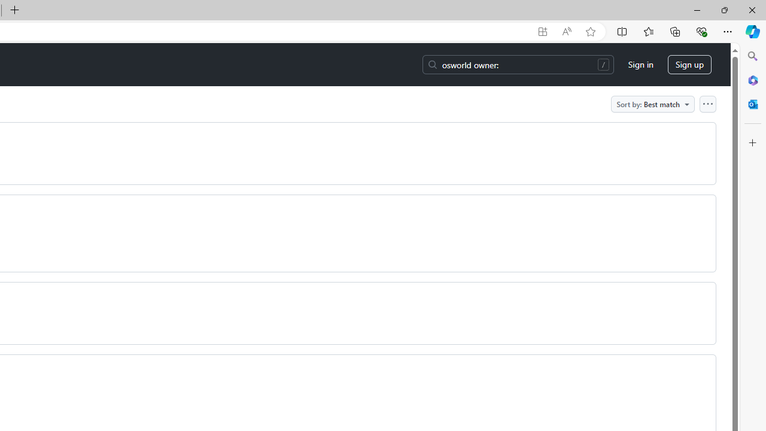 The height and width of the screenshot is (431, 766). Describe the element at coordinates (652, 103) in the screenshot. I see `'Sort by: Best match'` at that location.